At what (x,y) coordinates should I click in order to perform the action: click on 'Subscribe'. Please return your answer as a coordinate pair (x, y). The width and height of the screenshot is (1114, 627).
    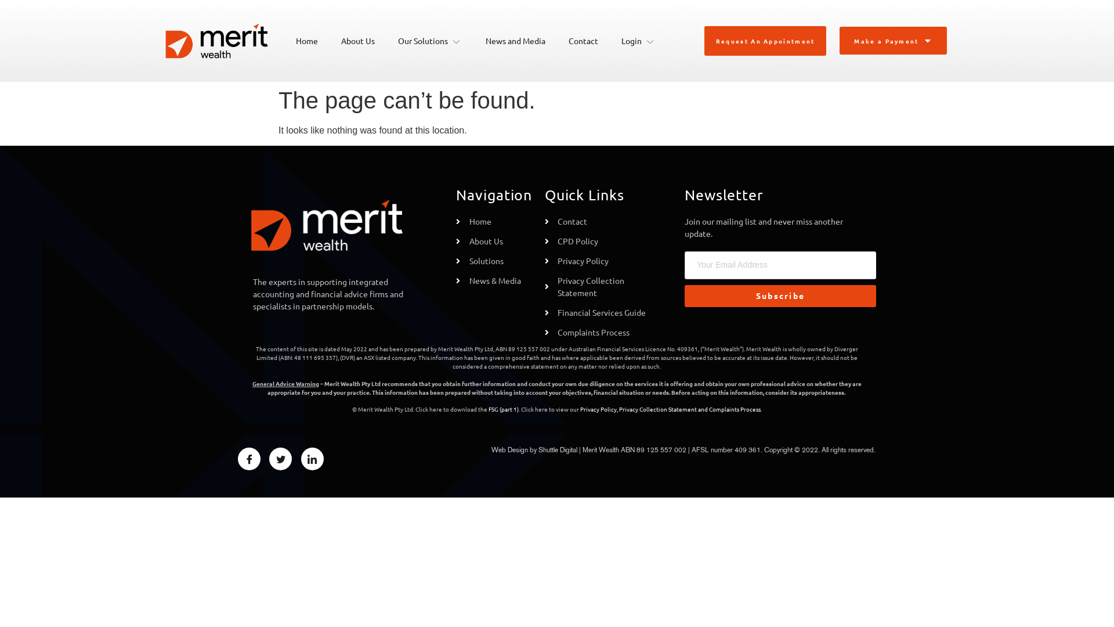
    Looking at the image, I should click on (780, 295).